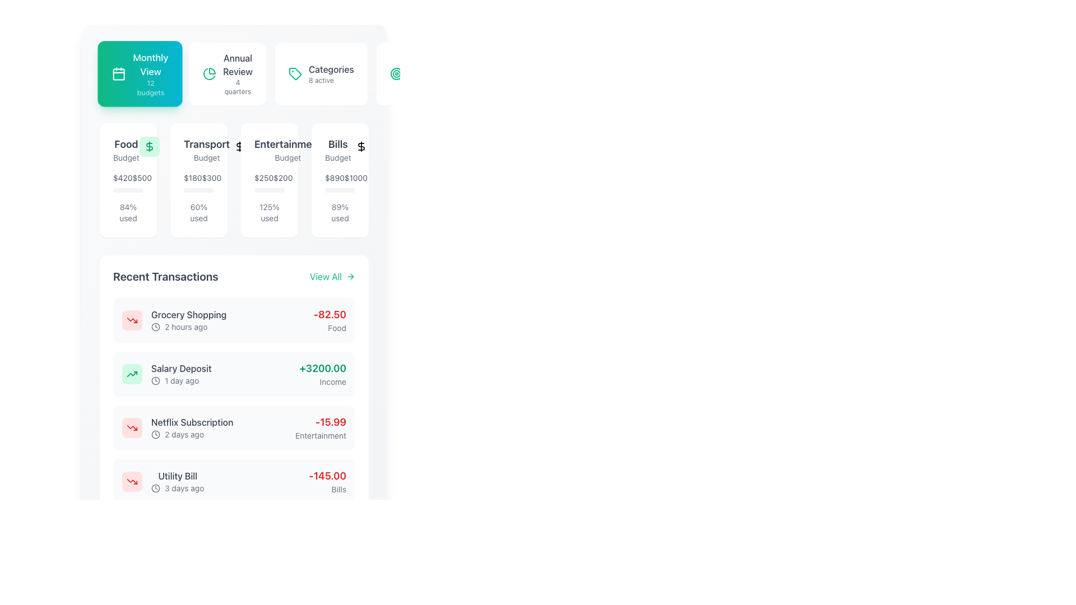 Image resolution: width=1076 pixels, height=605 pixels. What do you see at coordinates (163, 481) in the screenshot?
I see `the 'Utility Bill' list item` at bounding box center [163, 481].